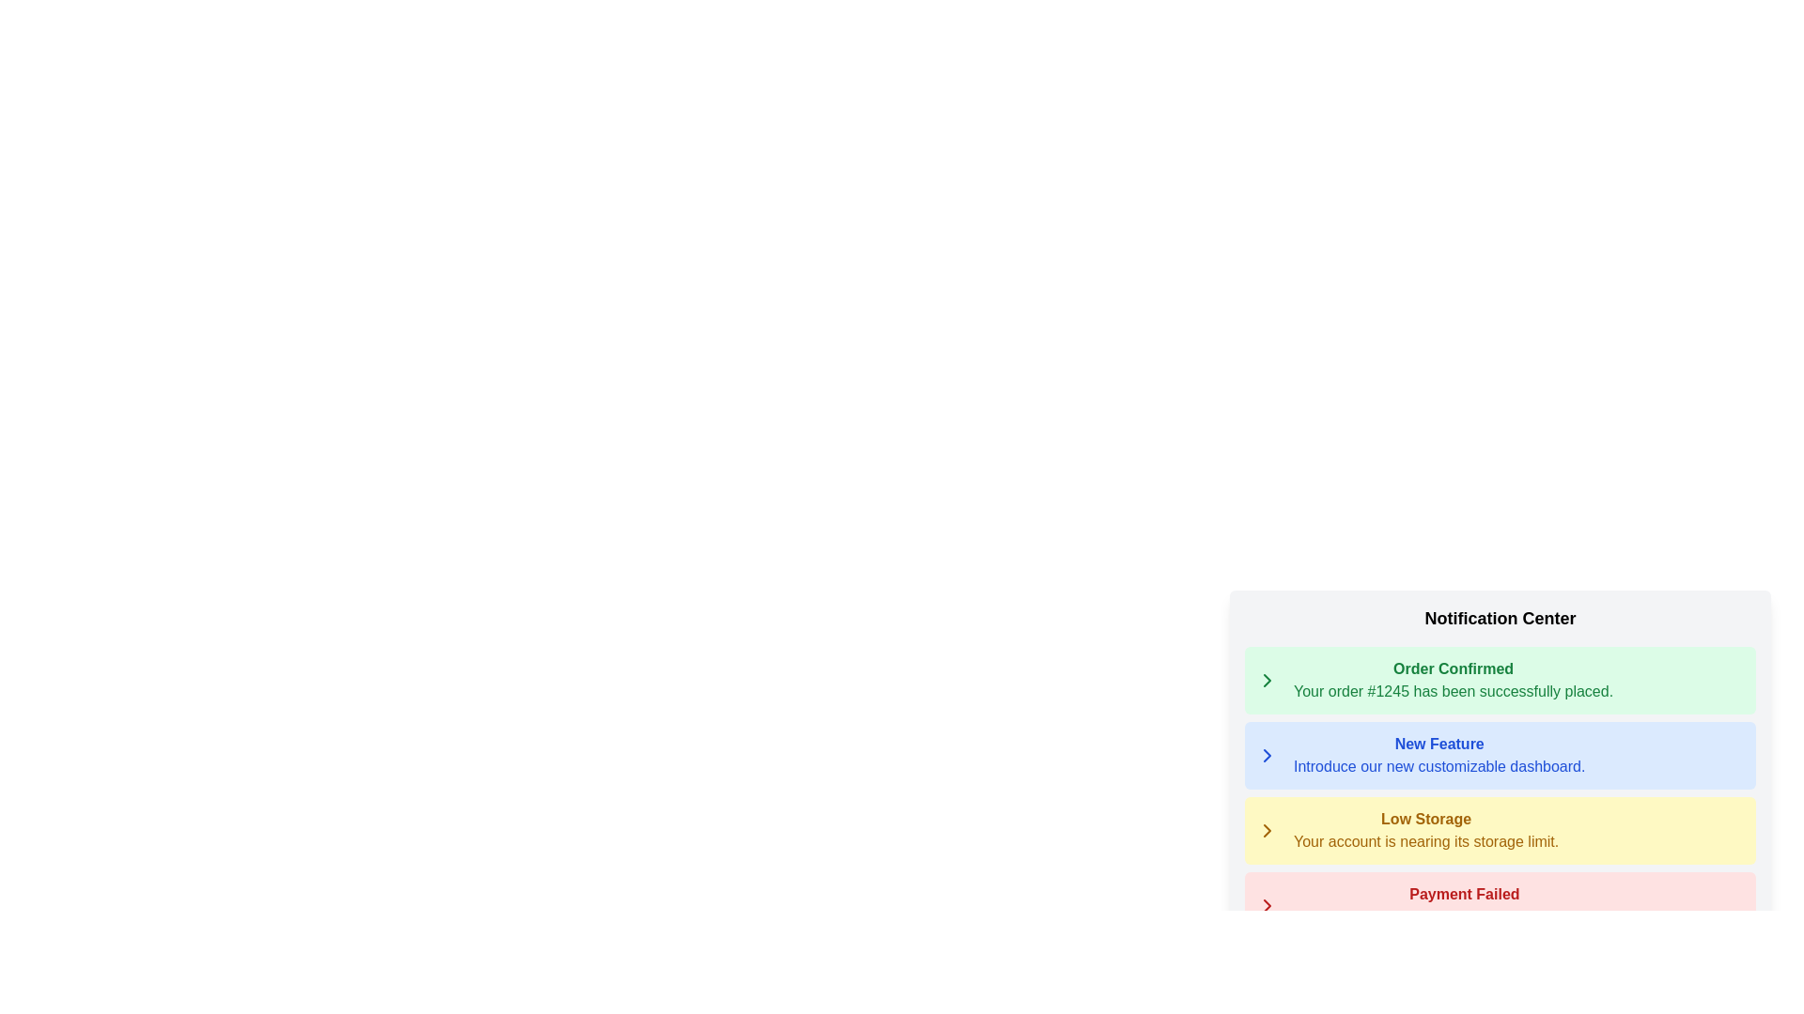 This screenshot has width=1804, height=1014. Describe the element at coordinates (1267, 904) in the screenshot. I see `the rightward-pointing chevron icon located at the right end of the 'Payment Failed' notification entry in the Notification Center to initiate navigation` at that location.